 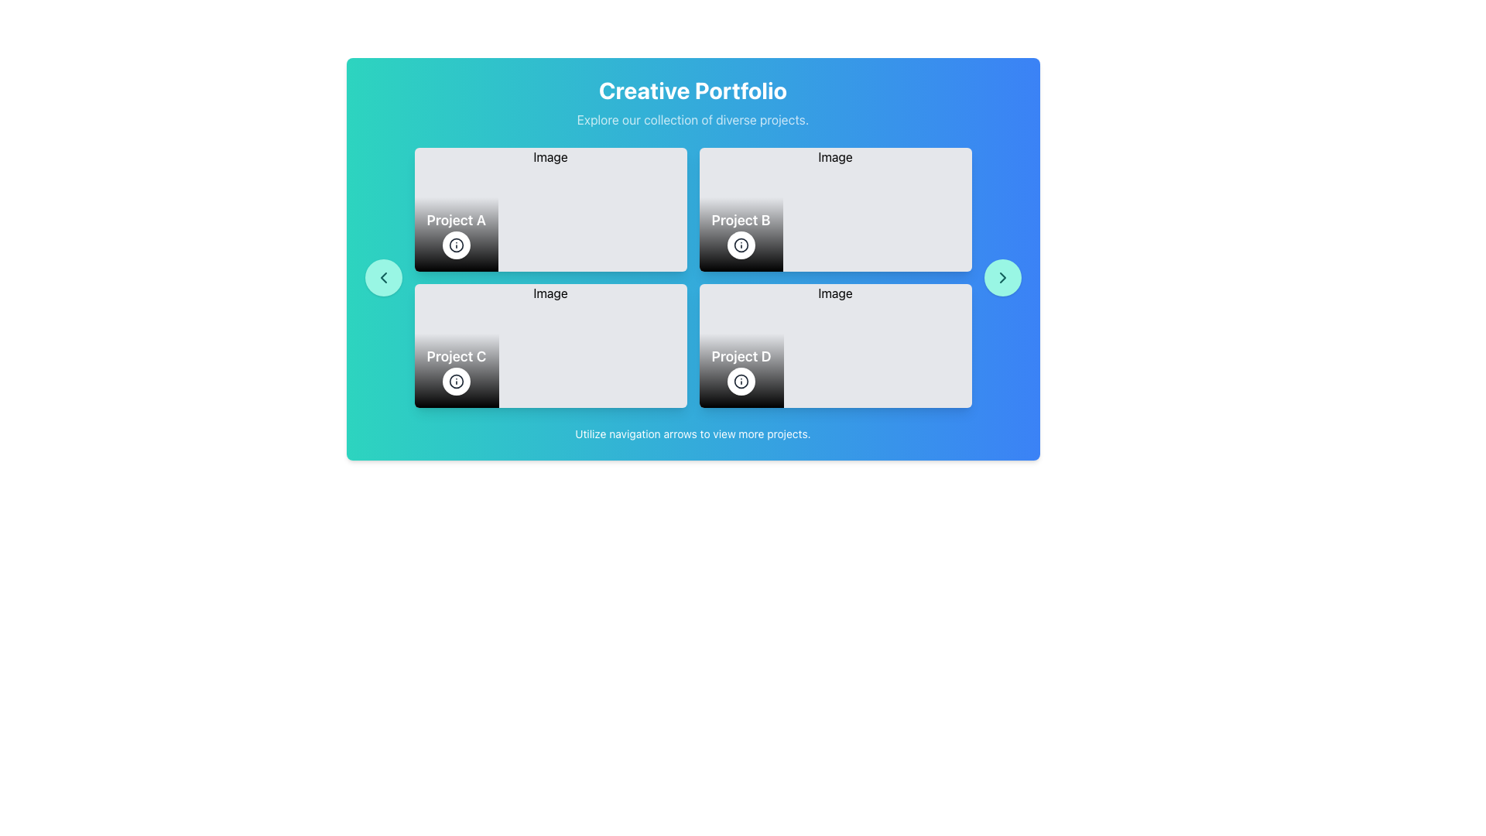 I want to click on the project tile labeled 'Project C' in the project portfolio grid, located in the lower left quadrant of the grid, so click(x=456, y=370).